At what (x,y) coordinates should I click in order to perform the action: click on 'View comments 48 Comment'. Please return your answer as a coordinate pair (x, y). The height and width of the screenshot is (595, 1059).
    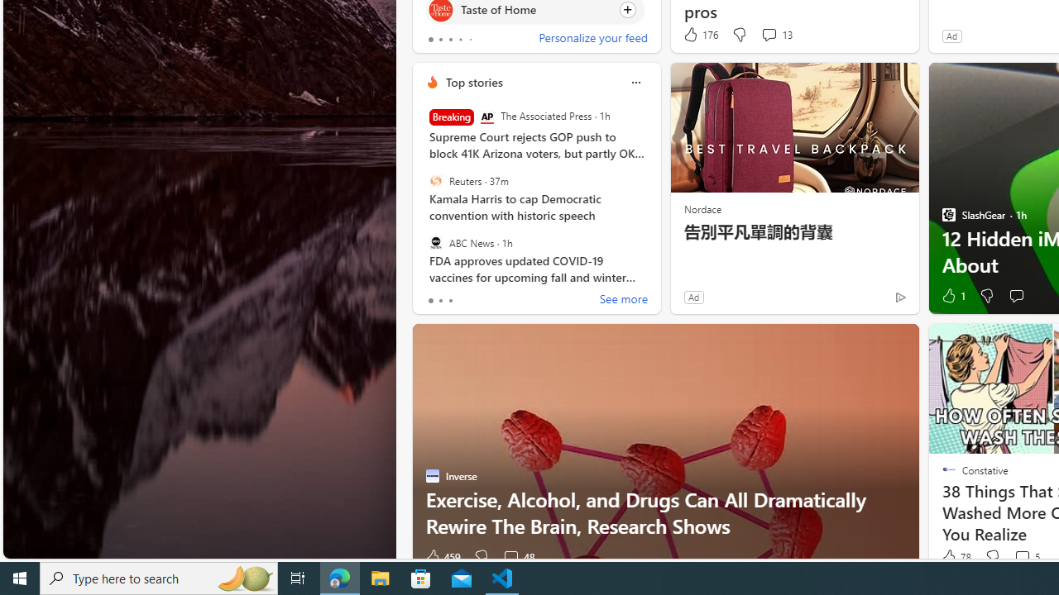
    Looking at the image, I should click on (517, 557).